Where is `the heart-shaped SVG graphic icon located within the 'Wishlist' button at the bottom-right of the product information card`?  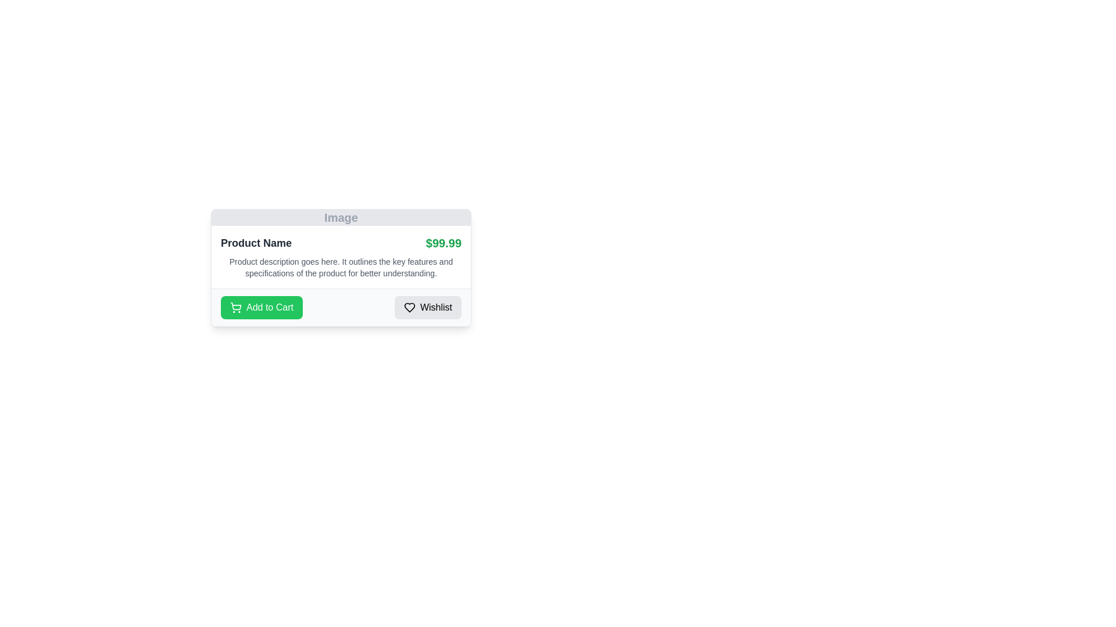 the heart-shaped SVG graphic icon located within the 'Wishlist' button at the bottom-right of the product information card is located at coordinates (409, 307).